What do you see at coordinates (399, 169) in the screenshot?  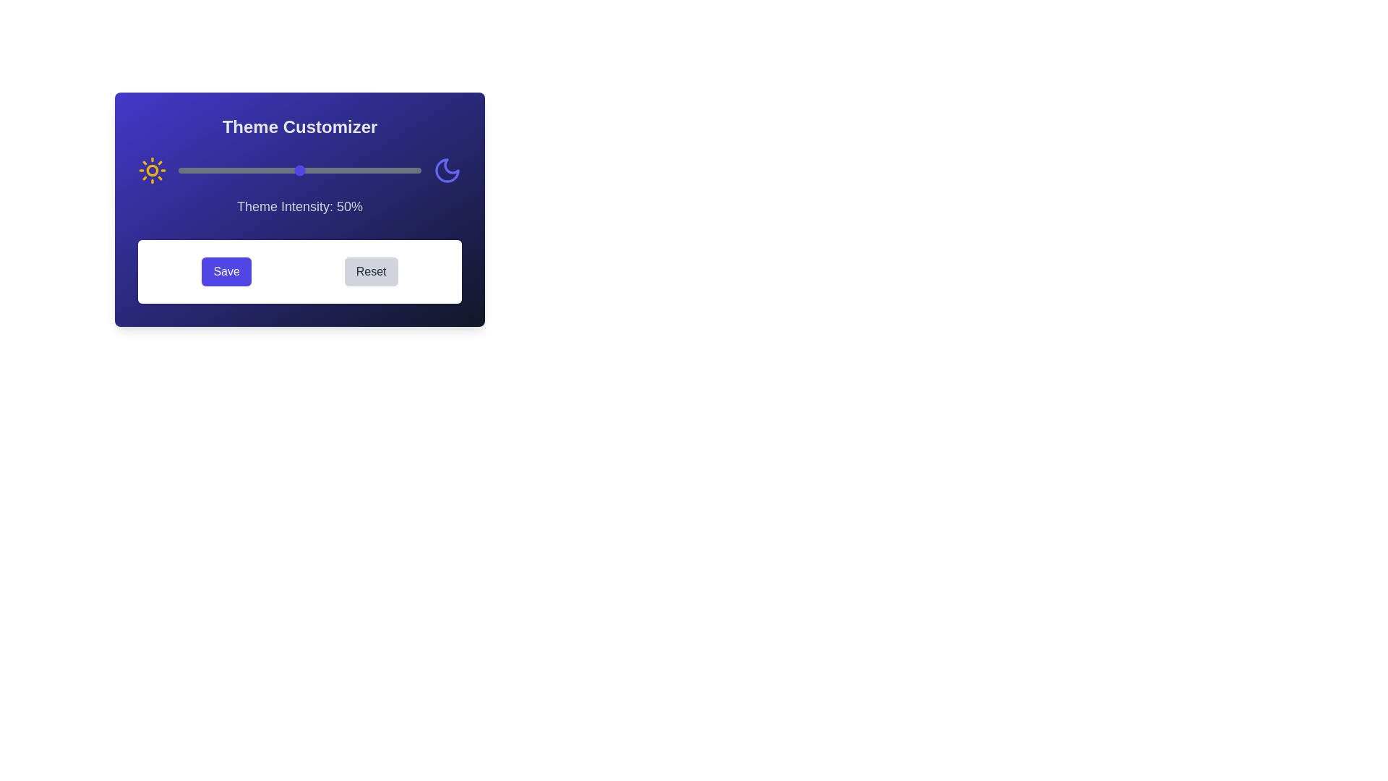 I see `the theme intensity slider to 91%` at bounding box center [399, 169].